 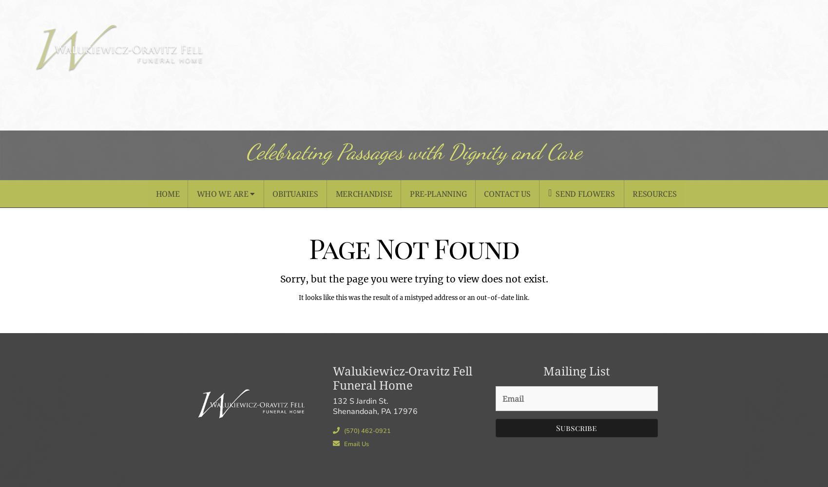 I want to click on 'Email Us', so click(x=355, y=444).